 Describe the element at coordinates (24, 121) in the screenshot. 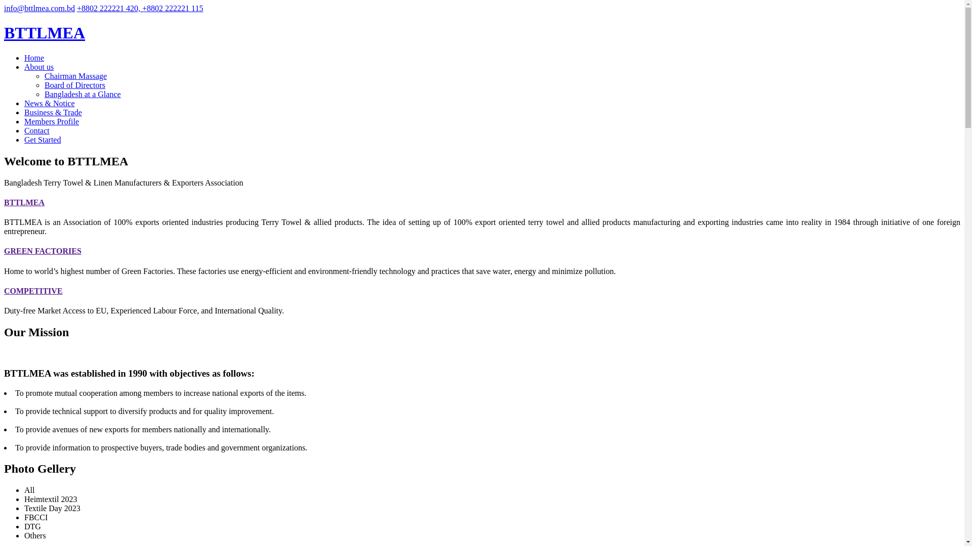

I see `'Members Profile'` at that location.